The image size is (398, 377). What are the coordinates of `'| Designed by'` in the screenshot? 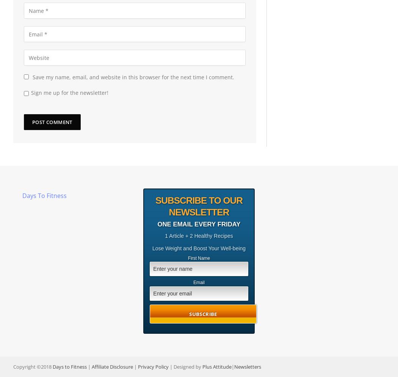 It's located at (185, 366).